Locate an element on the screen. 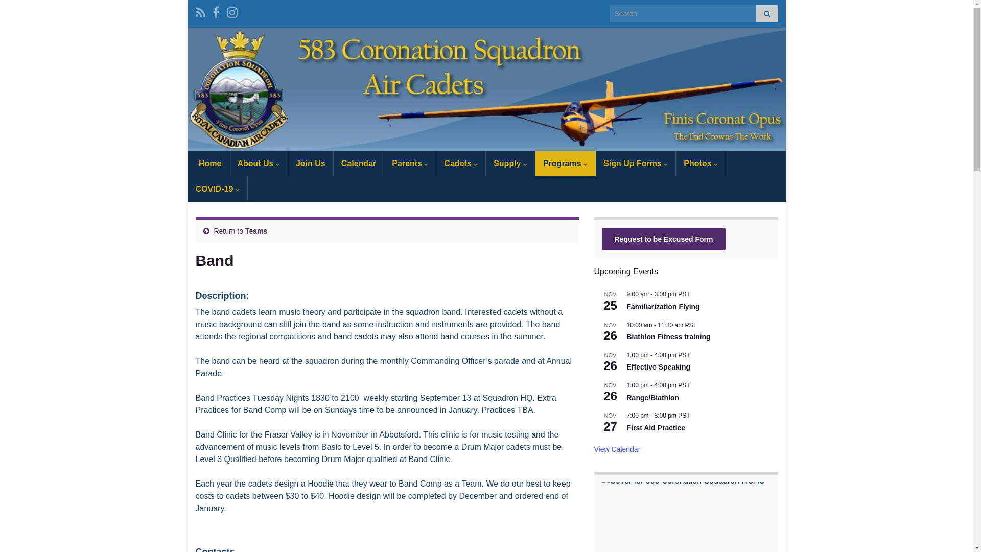 Image resolution: width=981 pixels, height=552 pixels. 'Join Us' is located at coordinates (288, 163).